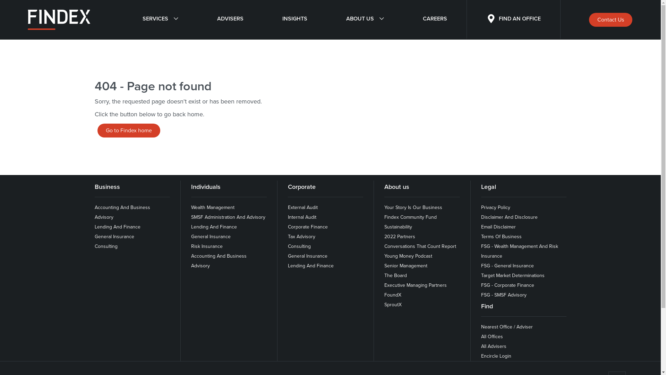  Describe the element at coordinates (212, 207) in the screenshot. I see `'Wealth Management'` at that location.